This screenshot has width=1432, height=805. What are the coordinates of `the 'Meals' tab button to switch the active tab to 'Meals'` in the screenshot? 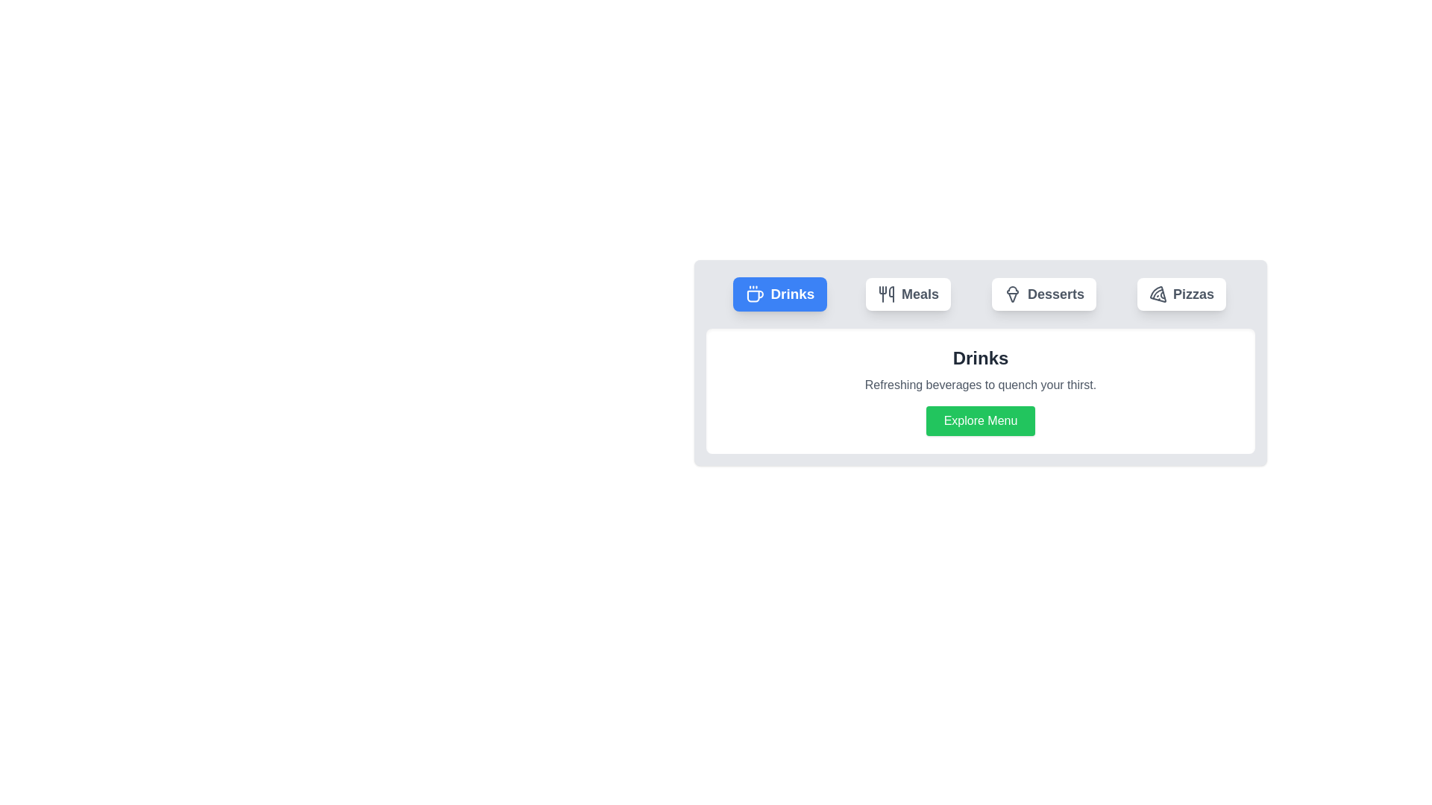 It's located at (908, 294).